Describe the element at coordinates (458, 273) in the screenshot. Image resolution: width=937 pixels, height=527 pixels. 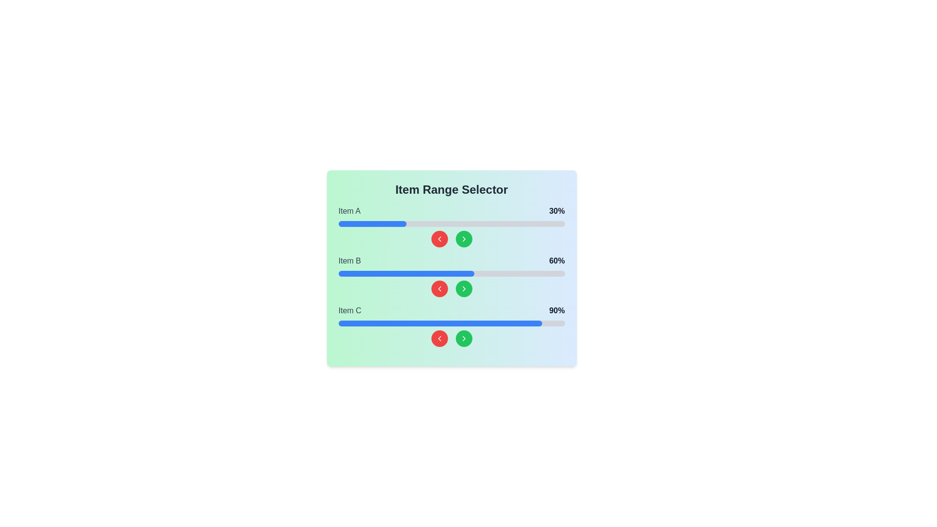
I see `the slider` at that location.